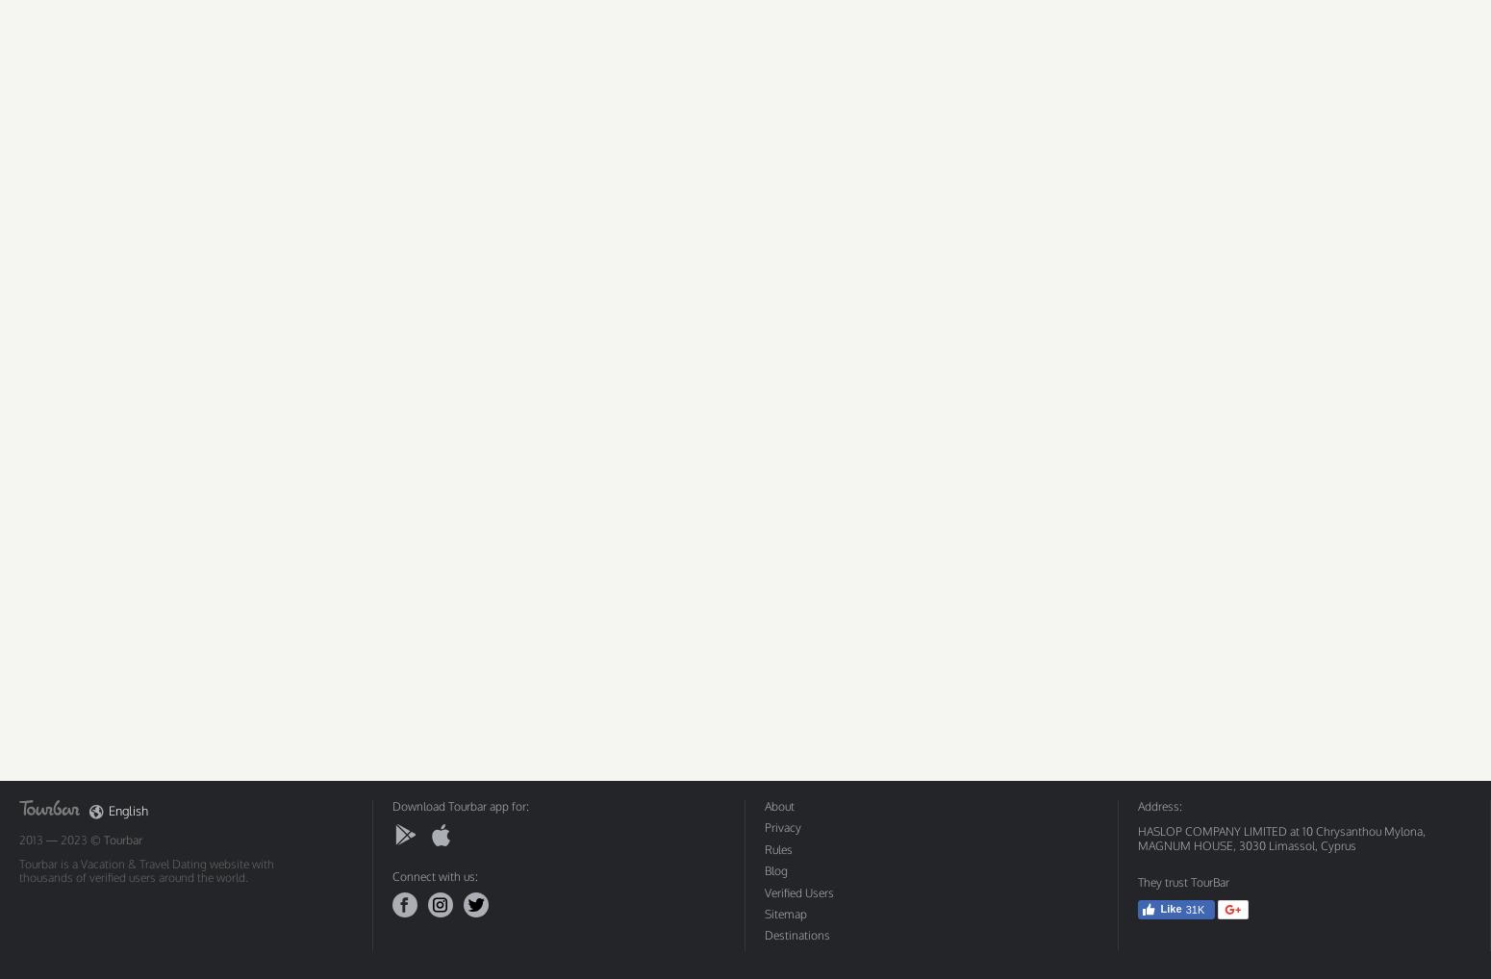  Describe the element at coordinates (763, 826) in the screenshot. I see `'Privacy'` at that location.